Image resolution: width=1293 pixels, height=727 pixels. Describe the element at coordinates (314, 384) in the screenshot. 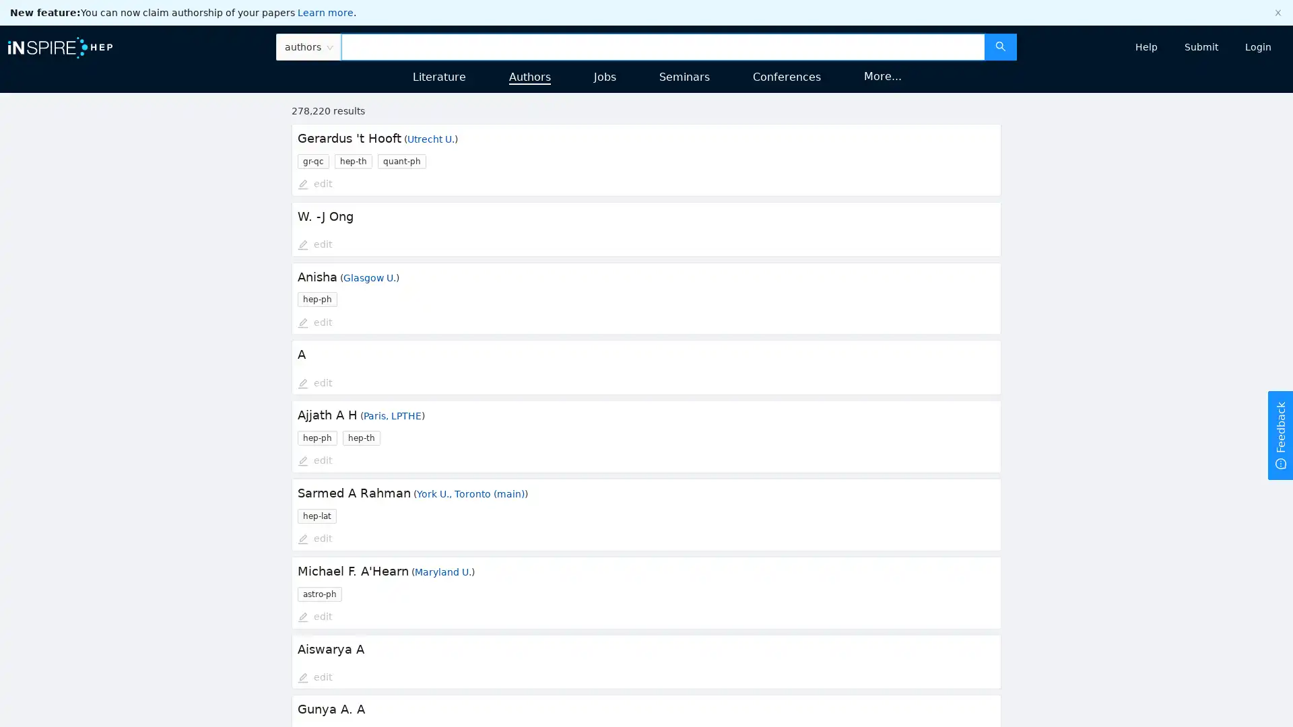

I see `edit edit` at that location.